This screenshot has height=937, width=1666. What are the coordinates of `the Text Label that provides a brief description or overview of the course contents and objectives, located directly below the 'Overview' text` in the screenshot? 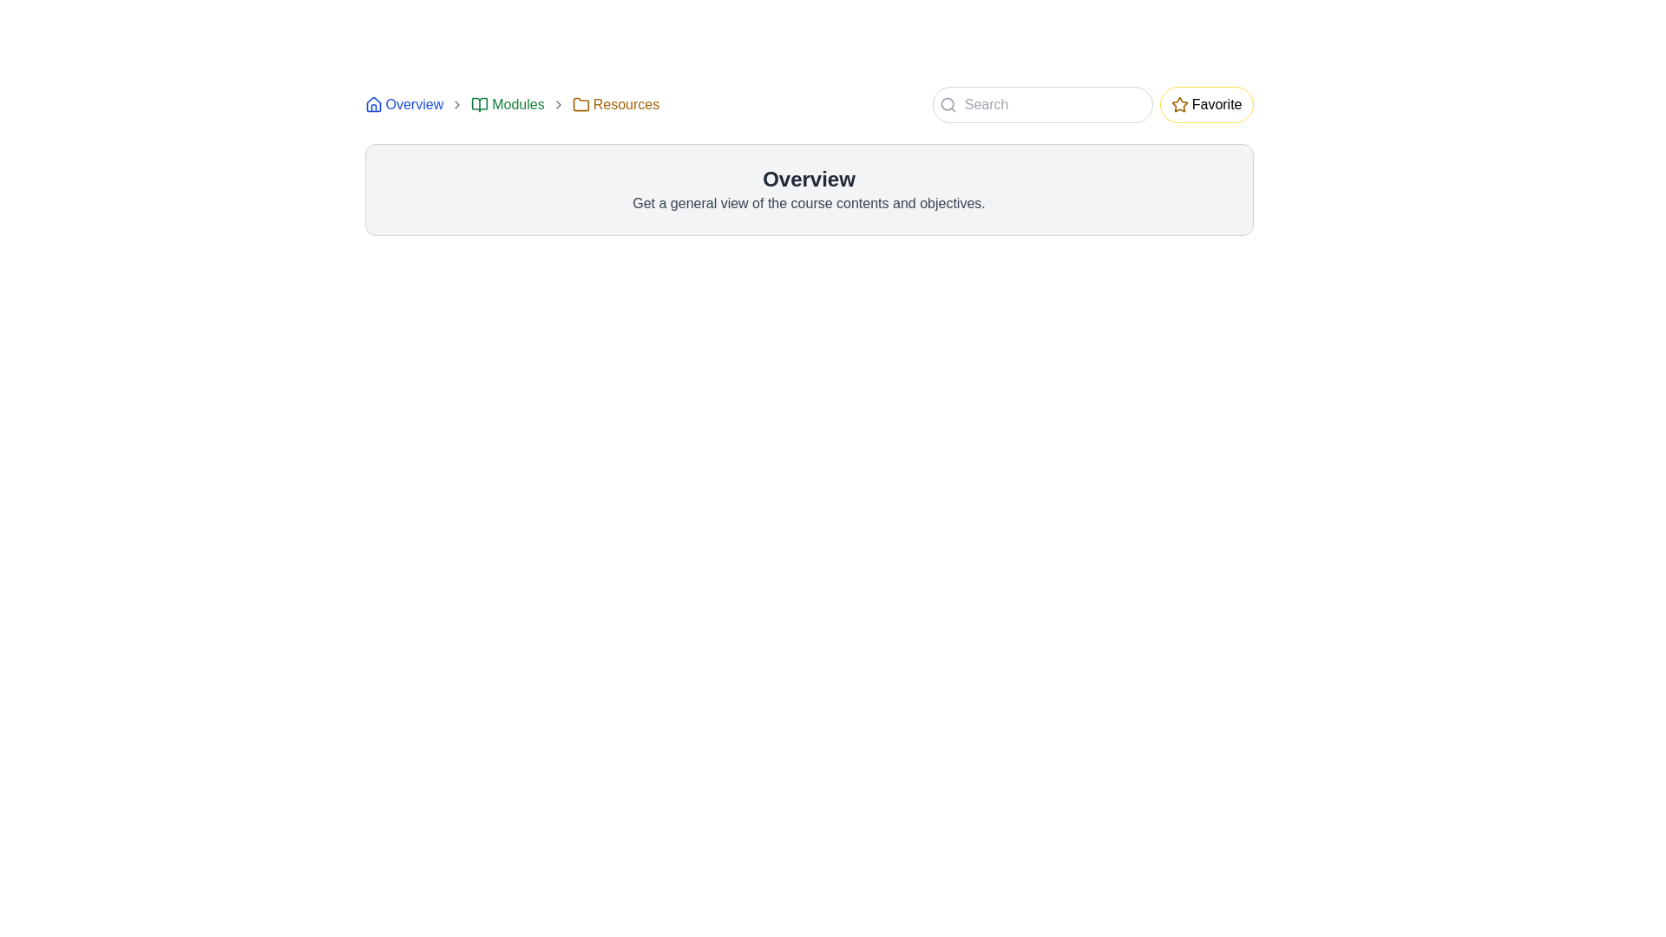 It's located at (808, 203).